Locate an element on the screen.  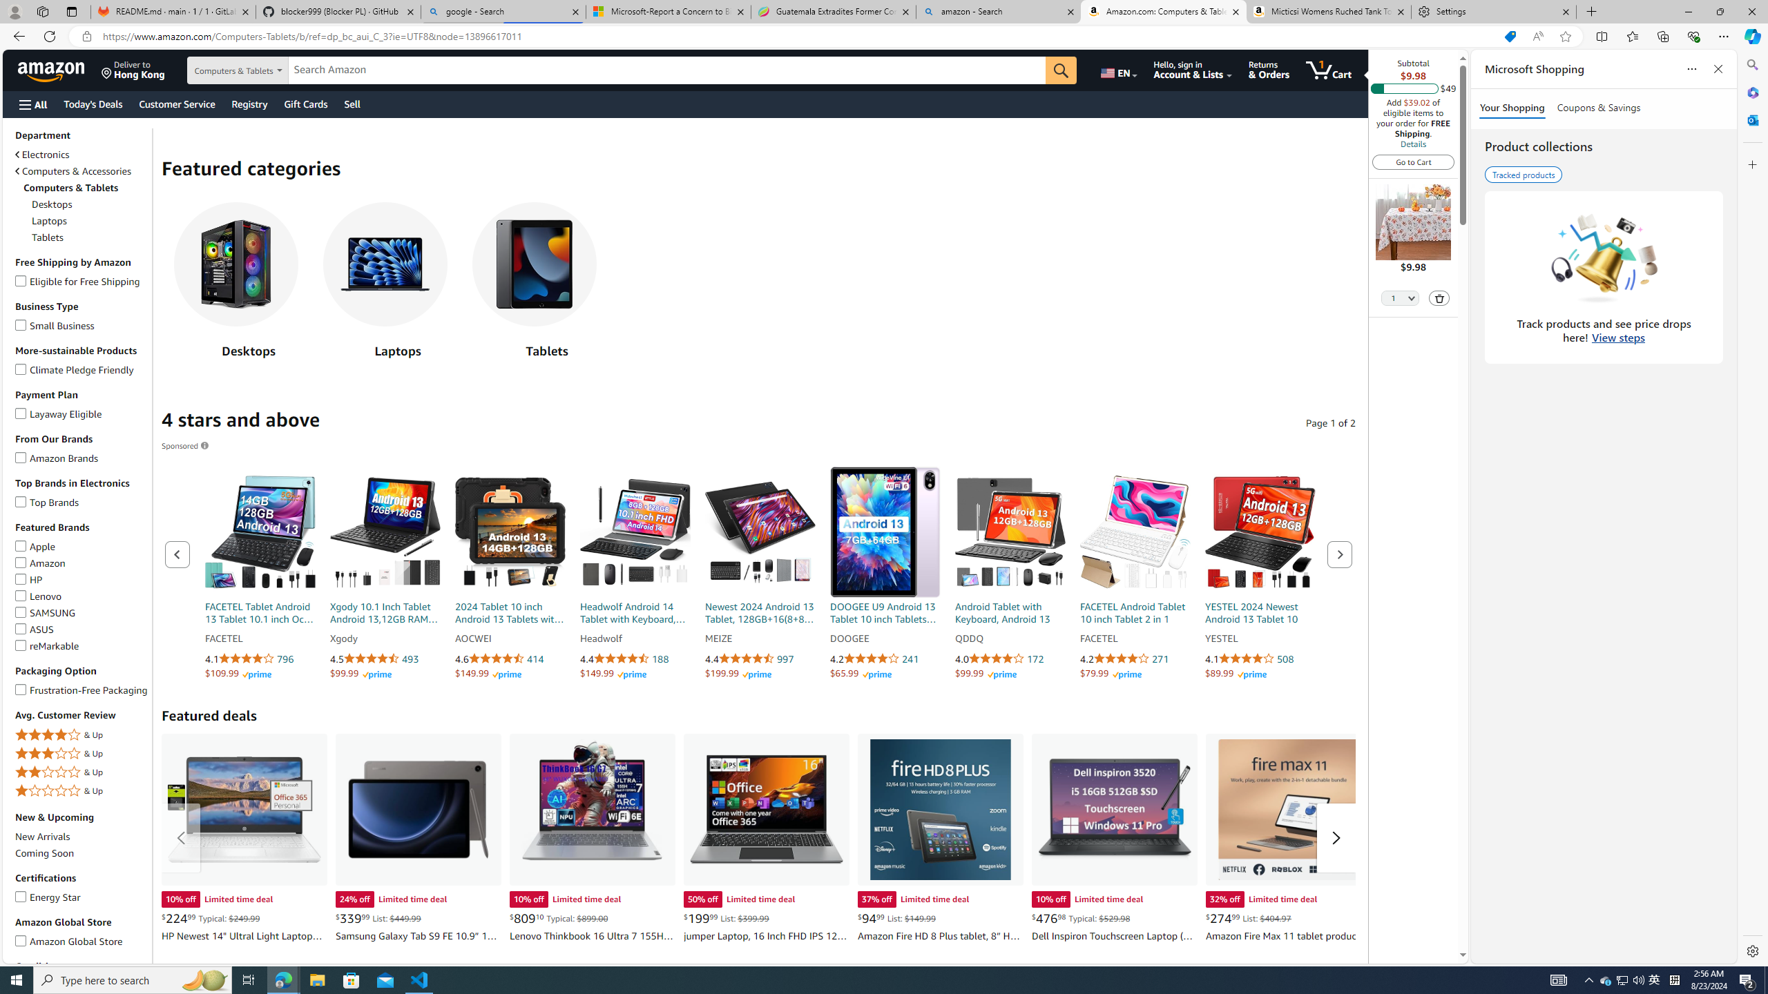
'DOOGEE' is located at coordinates (885, 638).